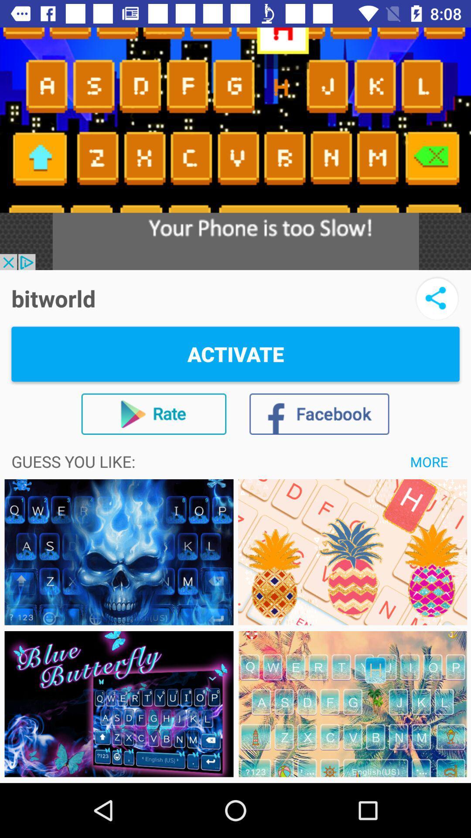 The width and height of the screenshot is (471, 838). I want to click on item next to bitworld icon, so click(437, 298).